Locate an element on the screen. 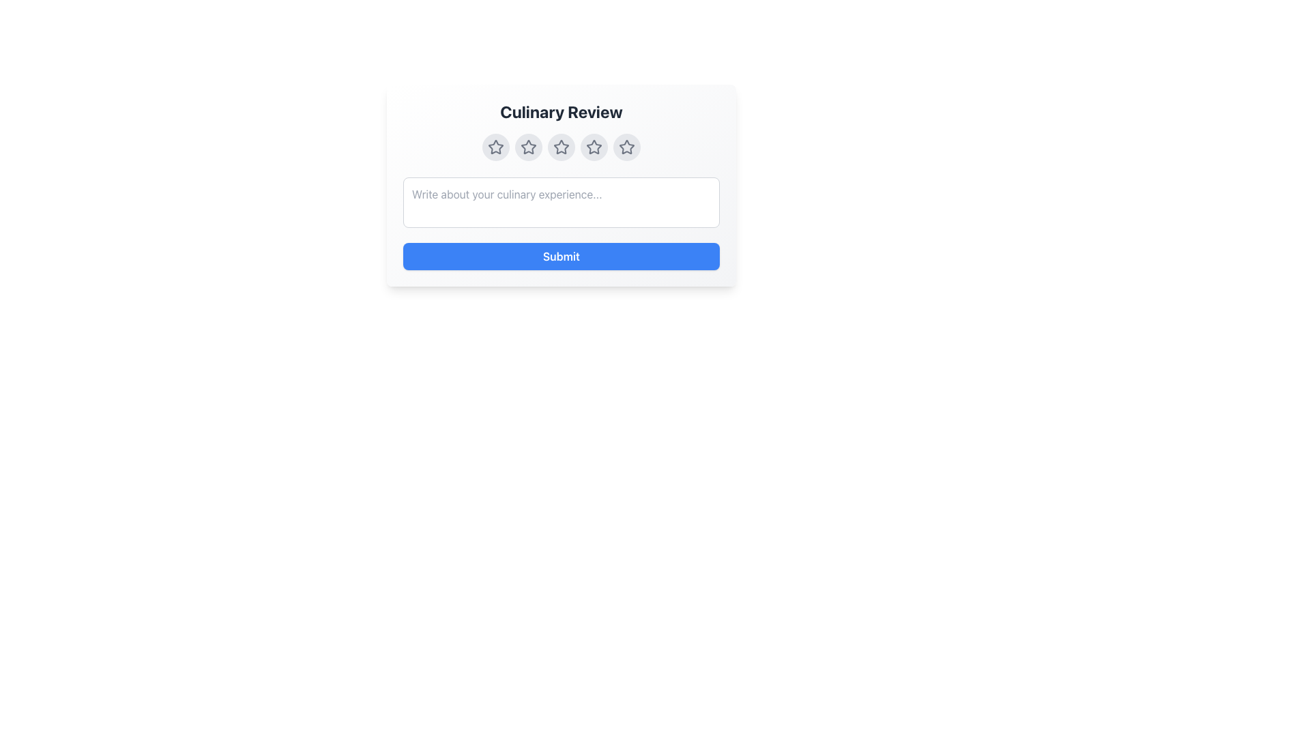 The image size is (1310, 737). the third star-shaped icon with a thin gray outline is located at coordinates (561, 147).